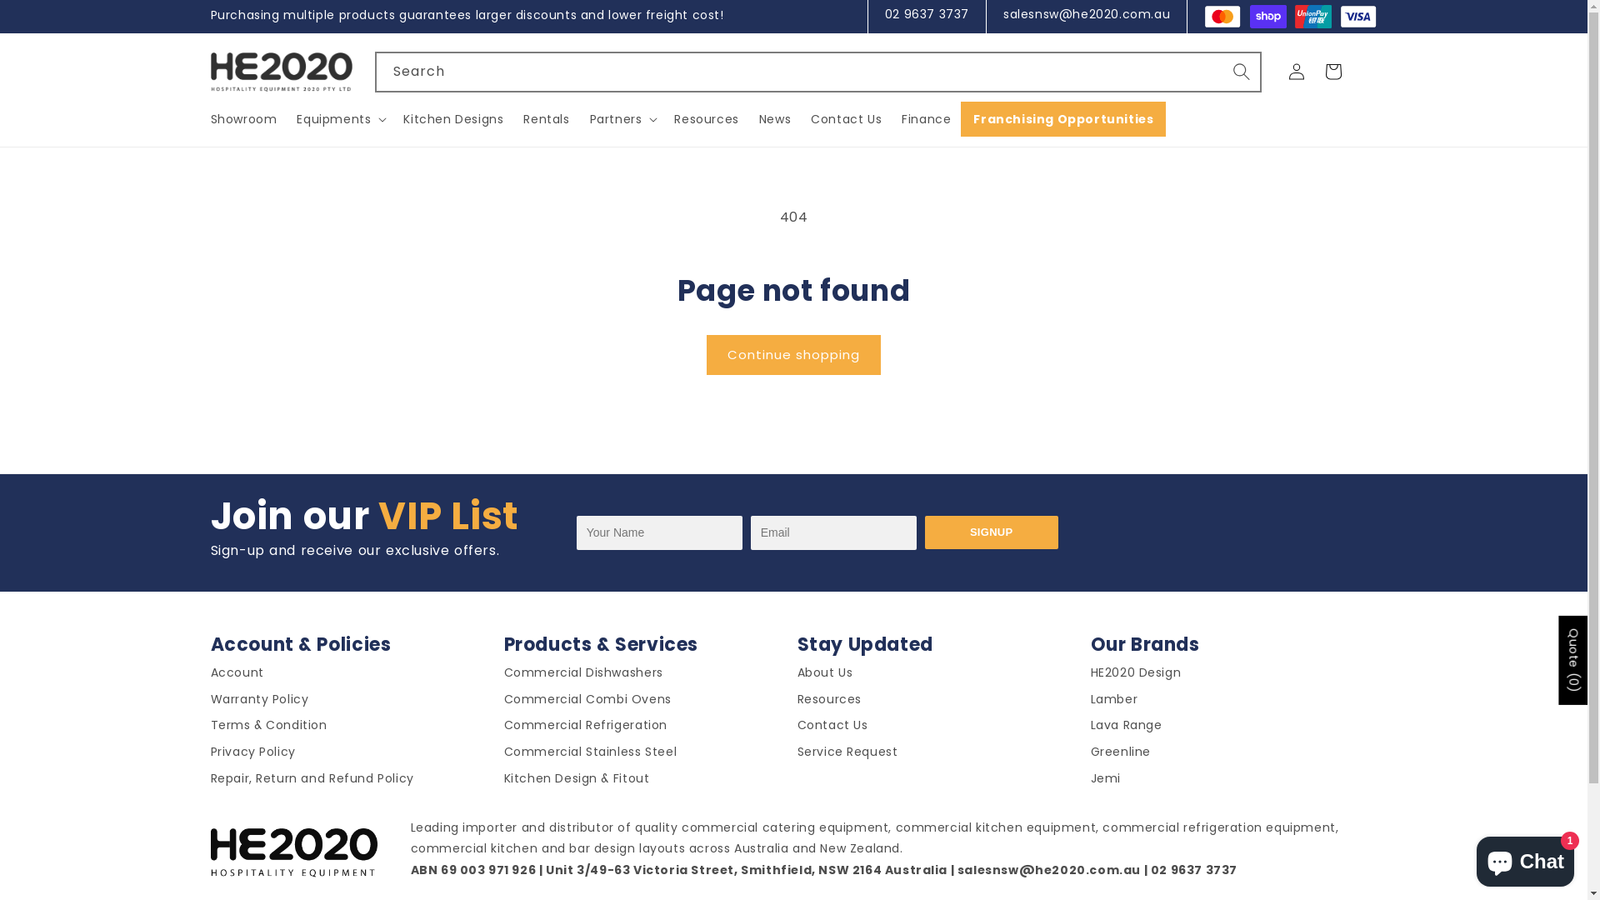 This screenshot has height=900, width=1600. Describe the element at coordinates (1090, 676) in the screenshot. I see `'HE2020 Design'` at that location.